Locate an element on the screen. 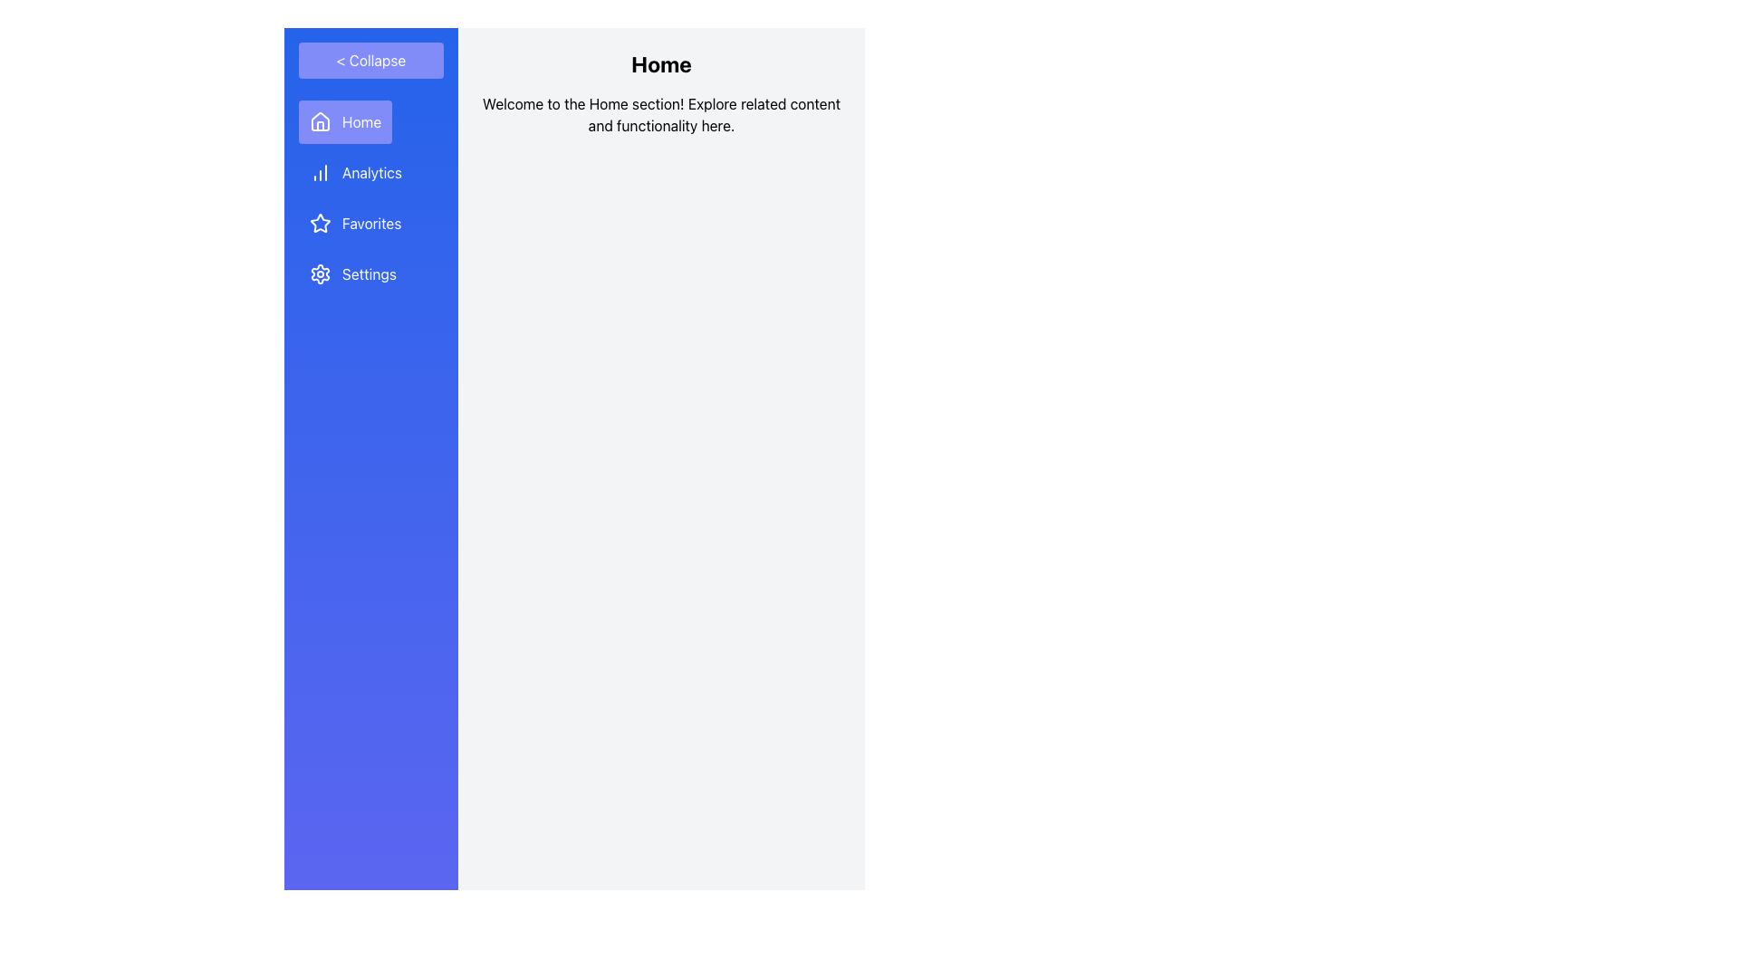 This screenshot has width=1739, height=978. the 'Analytics' navigation button located in the left sidebar, which is the second item in the vertical list is located at coordinates (356, 173).